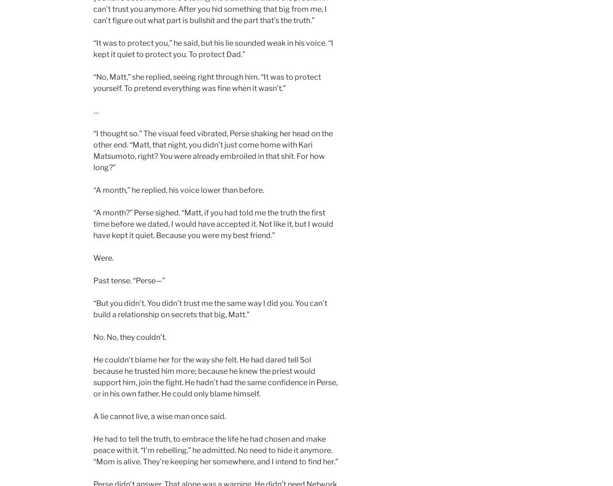  I want to click on 'He couldn’t blame her for the way she felt. He had dared tell Sol because he trusted him more; because he knew the priest would support him, join the fight. He hadn’t had the same confidence in Perse, or in his own father. He could only blame himself.', so click(215, 376).